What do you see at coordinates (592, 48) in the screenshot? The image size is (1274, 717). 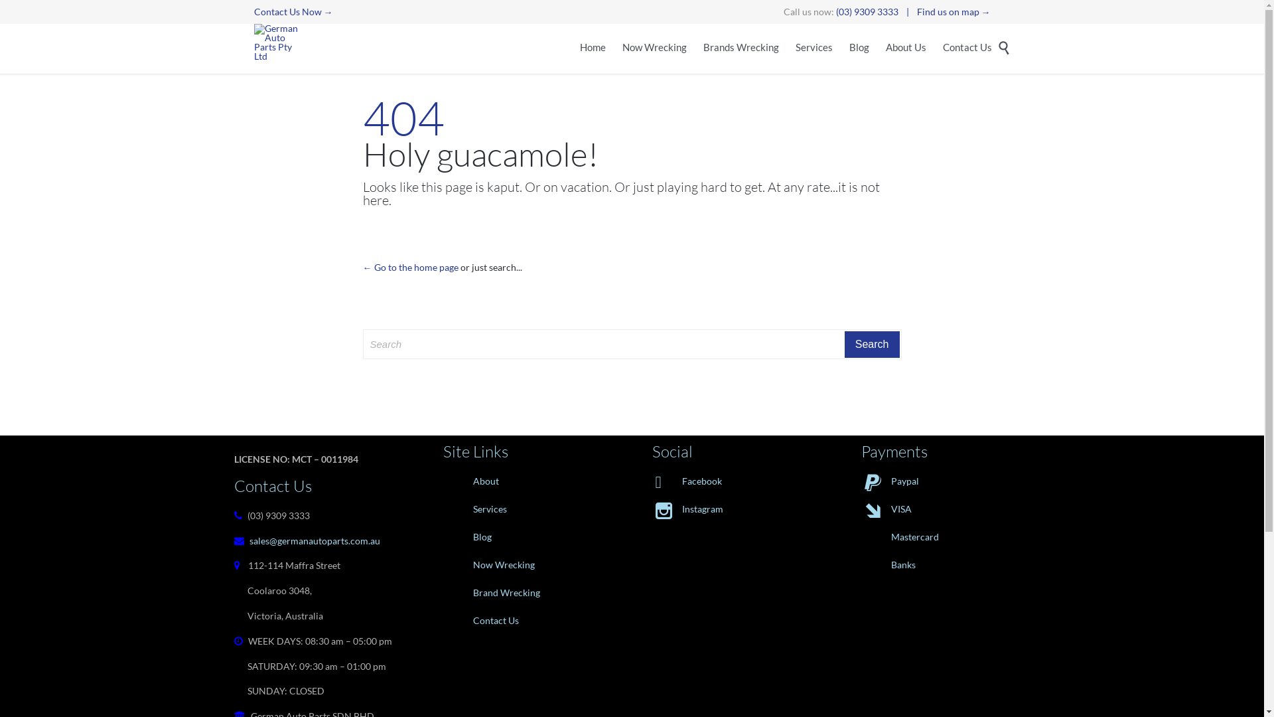 I see `'Home'` at bounding box center [592, 48].